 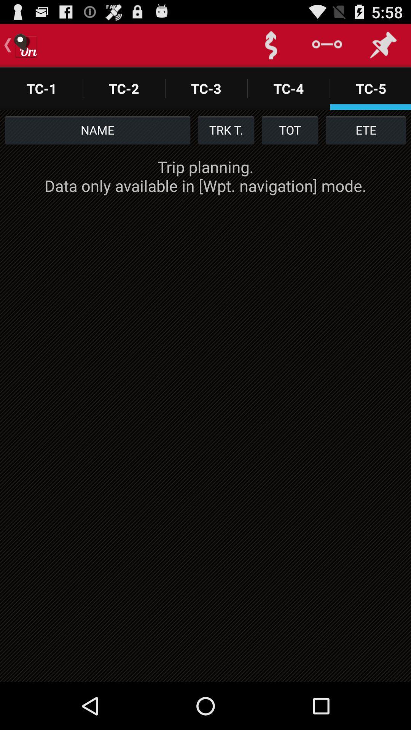 What do you see at coordinates (290, 130) in the screenshot?
I see `the item next to the trk t. item` at bounding box center [290, 130].